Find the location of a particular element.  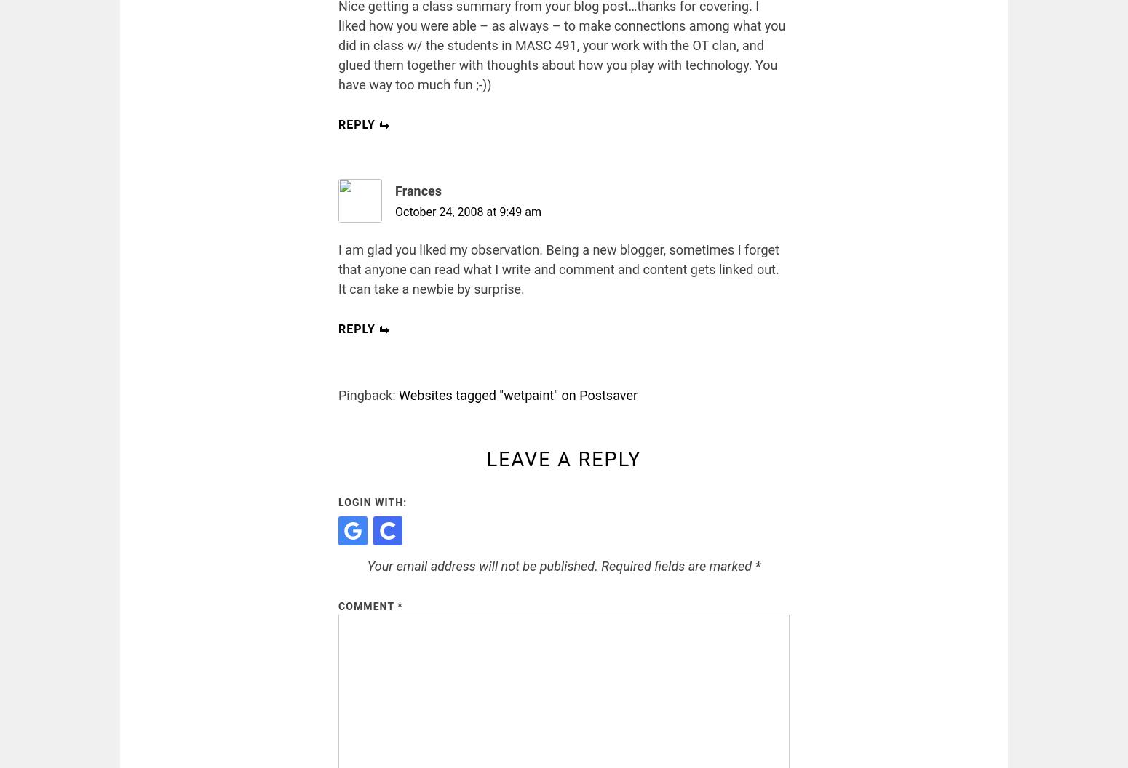

'Comment' is located at coordinates (367, 605).